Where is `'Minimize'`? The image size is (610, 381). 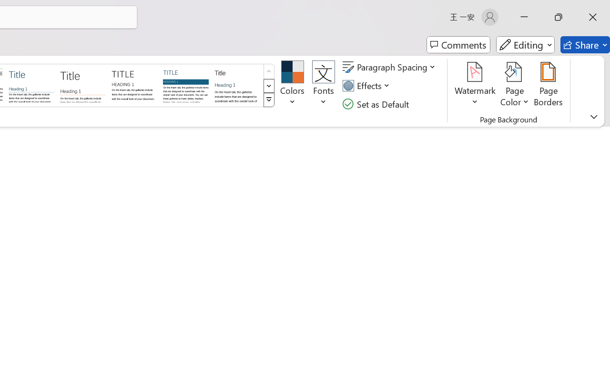 'Minimize' is located at coordinates (524, 17).